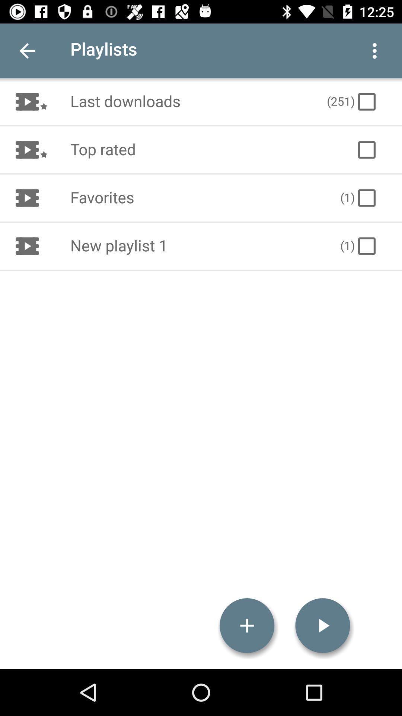 The width and height of the screenshot is (402, 716). What do you see at coordinates (352, 101) in the screenshot?
I see `the icon to the right of last downloads` at bounding box center [352, 101].